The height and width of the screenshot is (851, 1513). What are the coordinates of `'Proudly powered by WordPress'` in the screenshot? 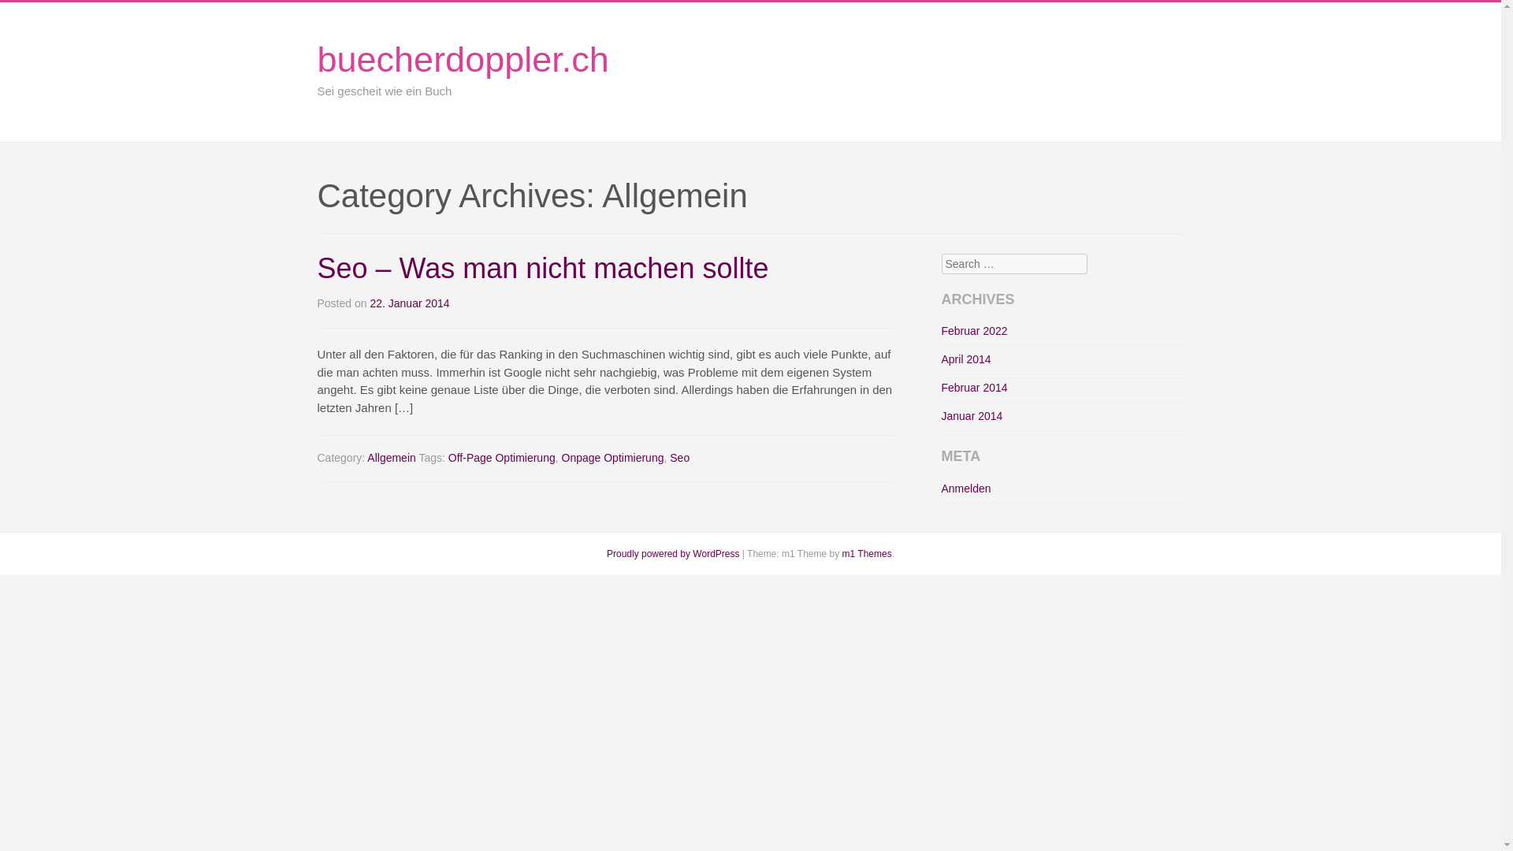 It's located at (673, 552).